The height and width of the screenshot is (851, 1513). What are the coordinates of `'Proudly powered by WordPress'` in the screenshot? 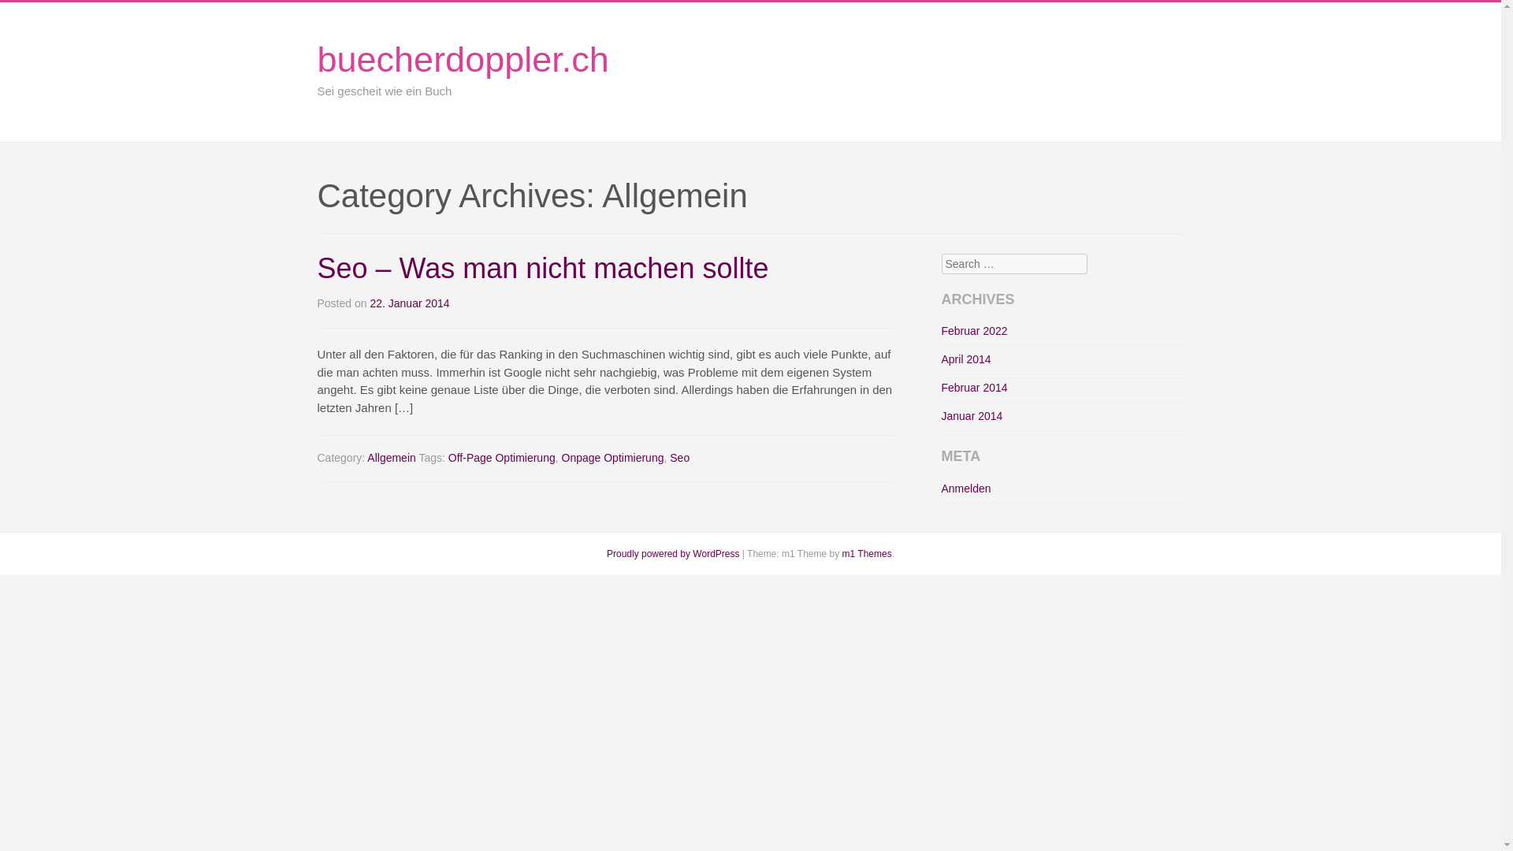 It's located at (673, 552).